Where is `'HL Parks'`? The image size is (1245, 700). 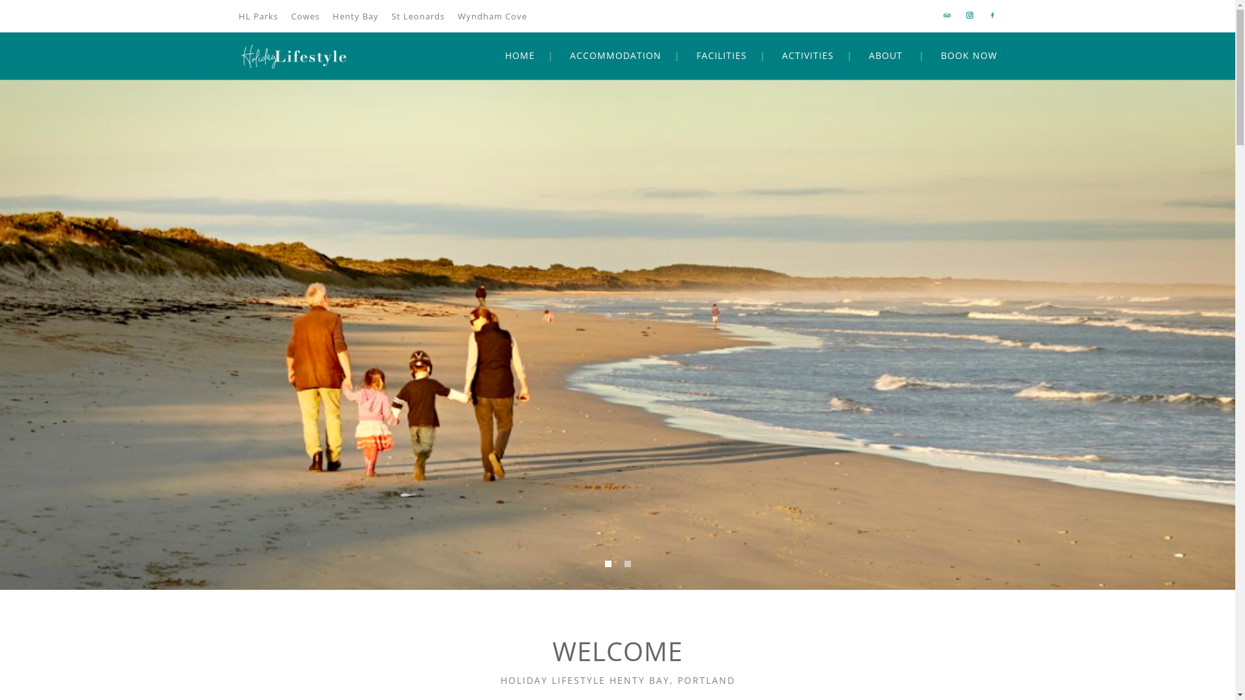 'HL Parks' is located at coordinates (239, 16).